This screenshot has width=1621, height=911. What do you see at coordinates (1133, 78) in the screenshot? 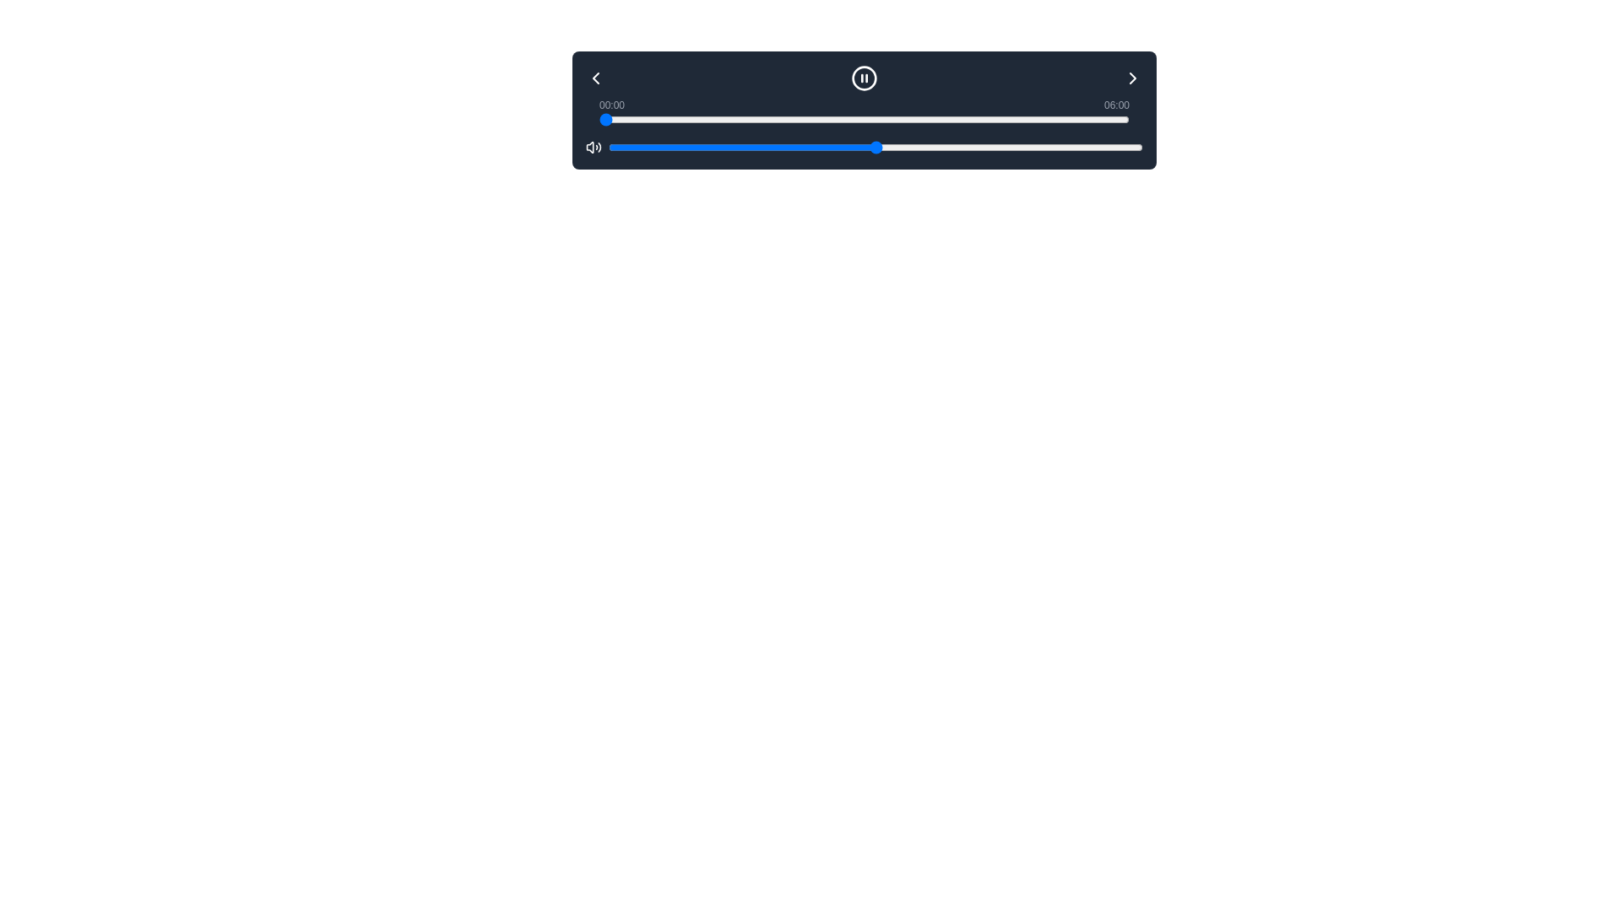
I see `the rightward-pointing chevron arrow icon located at the upper right section of the interface for additional information` at bounding box center [1133, 78].